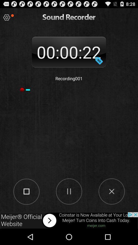 The width and height of the screenshot is (138, 245). What do you see at coordinates (69, 220) in the screenshot?
I see `click advertisement` at bounding box center [69, 220].